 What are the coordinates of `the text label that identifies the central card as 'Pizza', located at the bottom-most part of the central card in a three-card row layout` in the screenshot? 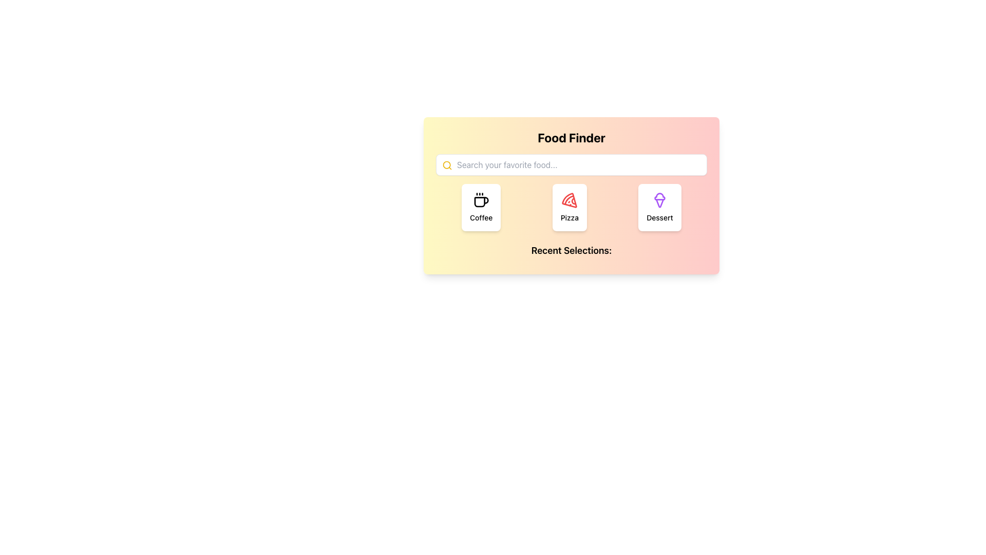 It's located at (569, 217).